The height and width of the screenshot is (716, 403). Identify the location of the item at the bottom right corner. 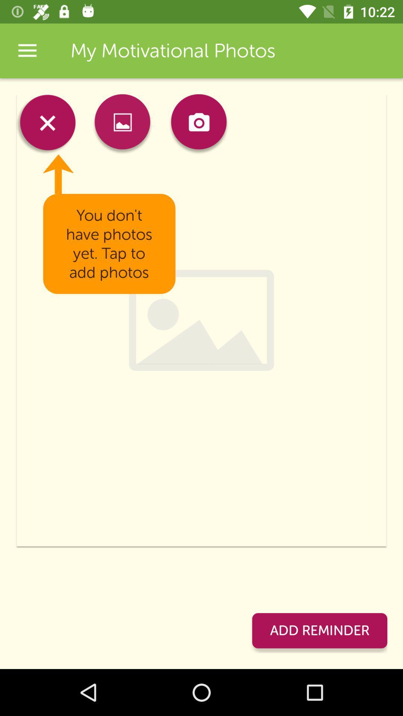
(319, 630).